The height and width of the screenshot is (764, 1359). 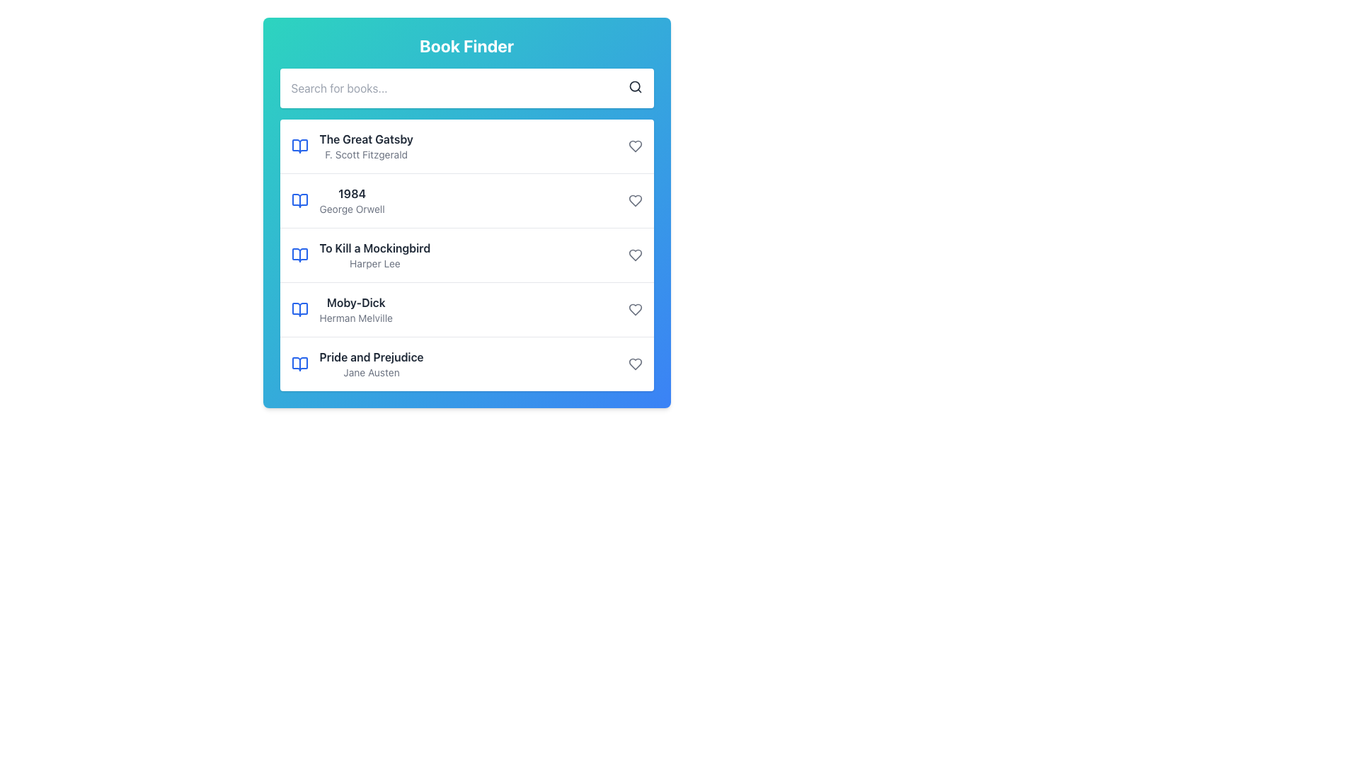 I want to click on the list item for the book '1984' by George Orwell in the Book Finder, so click(x=466, y=200).